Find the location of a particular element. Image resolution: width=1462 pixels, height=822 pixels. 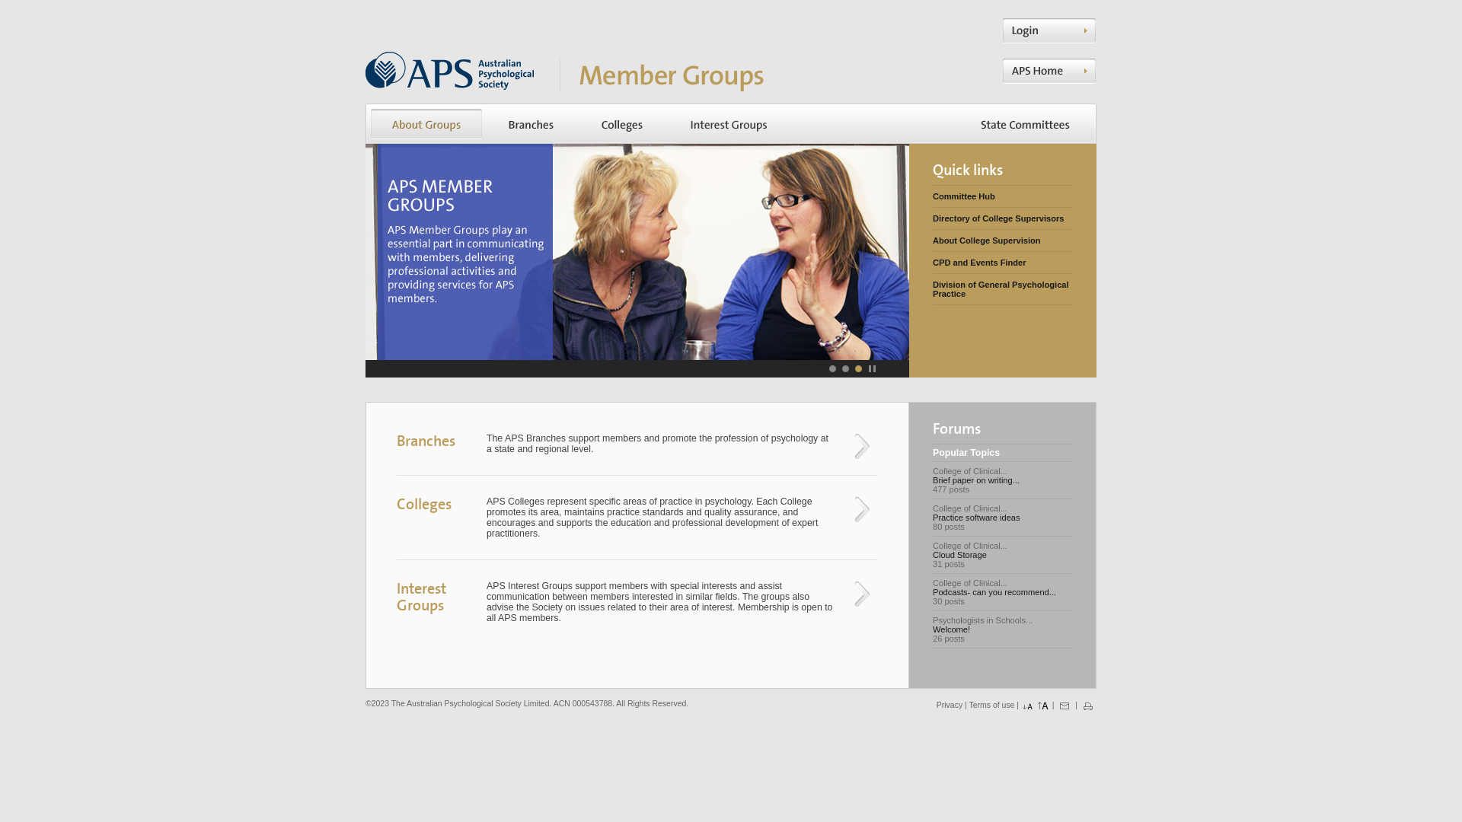

'Directory of College Supervisors' is located at coordinates (1002, 218).